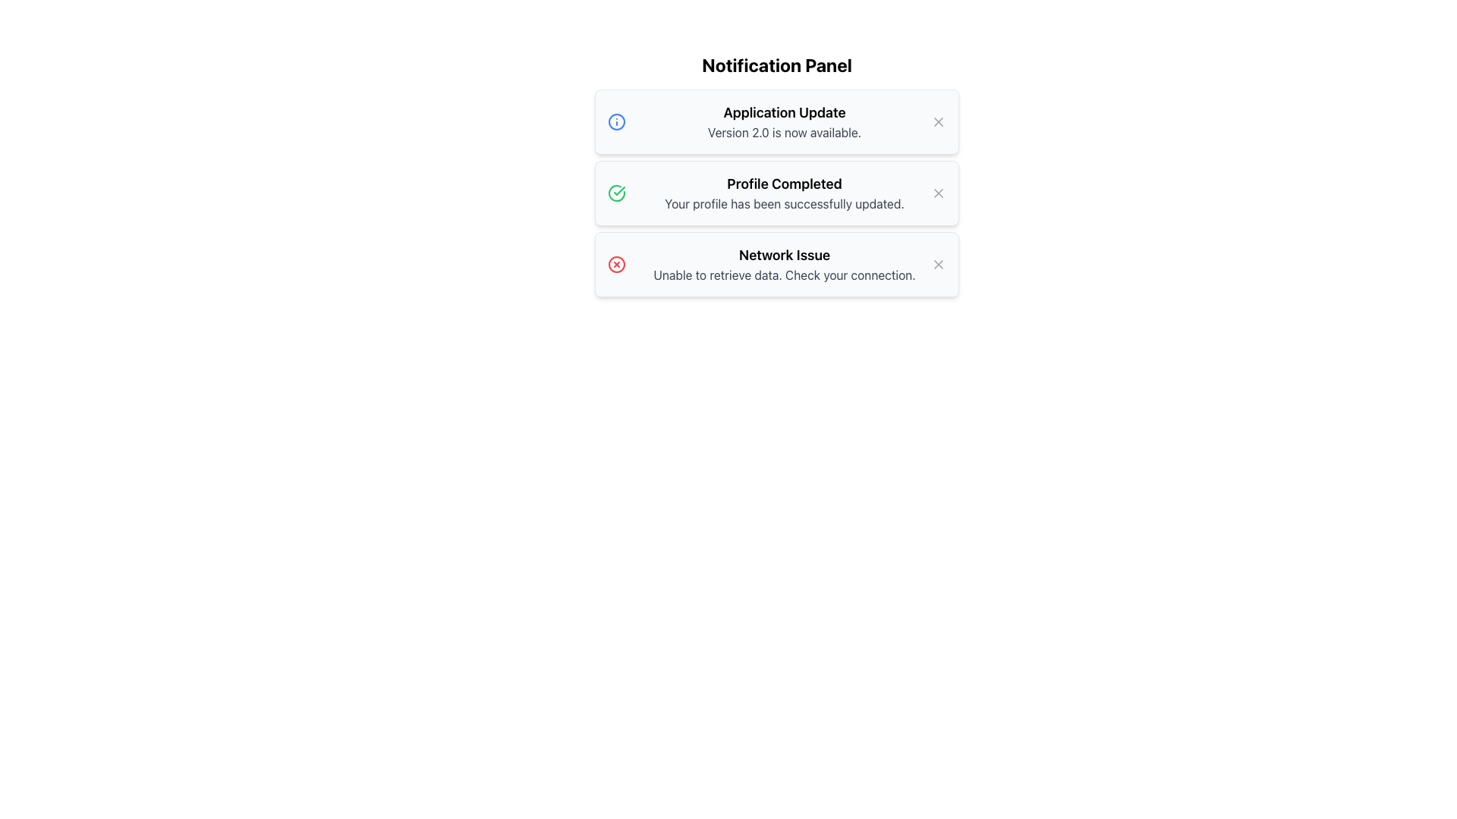  I want to click on the close button icon resembling an 'X', so click(938, 263).